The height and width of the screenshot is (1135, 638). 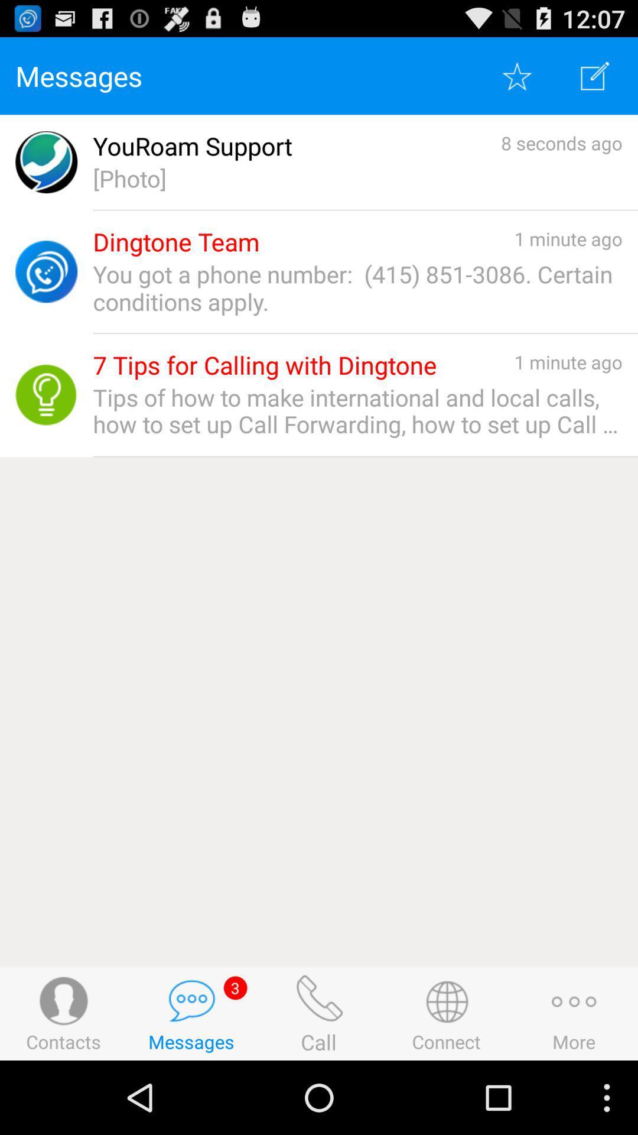 What do you see at coordinates (357, 177) in the screenshot?
I see `the item below the youroam support app` at bounding box center [357, 177].